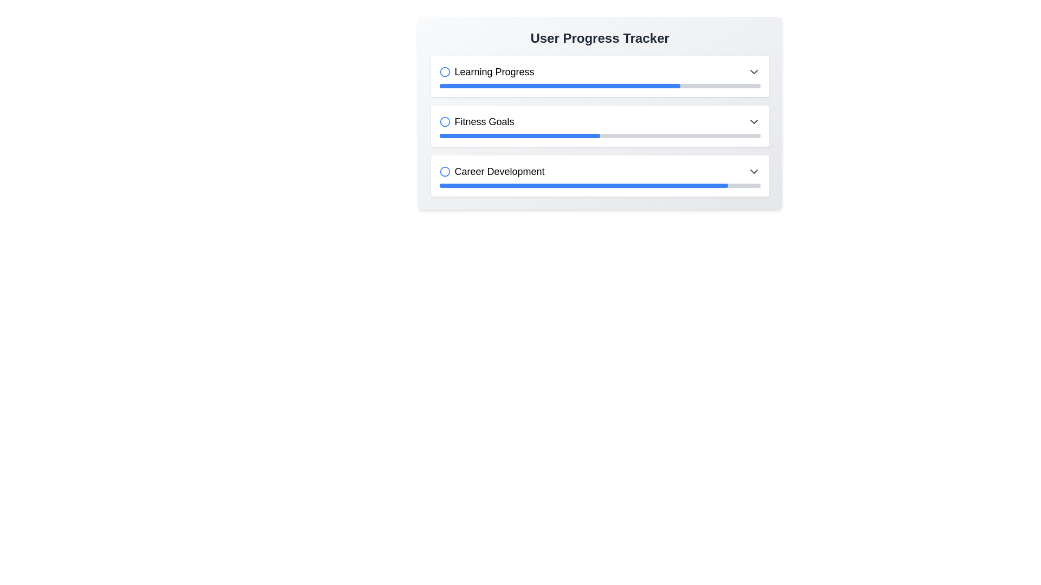  What do you see at coordinates (445, 171) in the screenshot?
I see `the 'Career Development' icon element located on the left side of its text label in the third row of the user progress tracker for accessibility purposes` at bounding box center [445, 171].